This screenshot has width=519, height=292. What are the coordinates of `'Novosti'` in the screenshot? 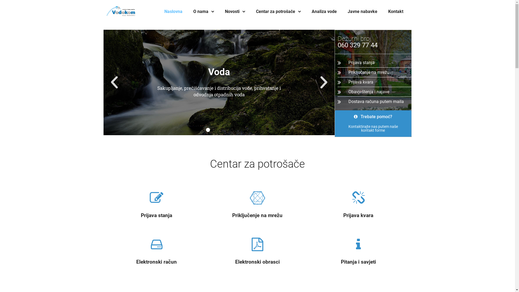 It's located at (219, 11).